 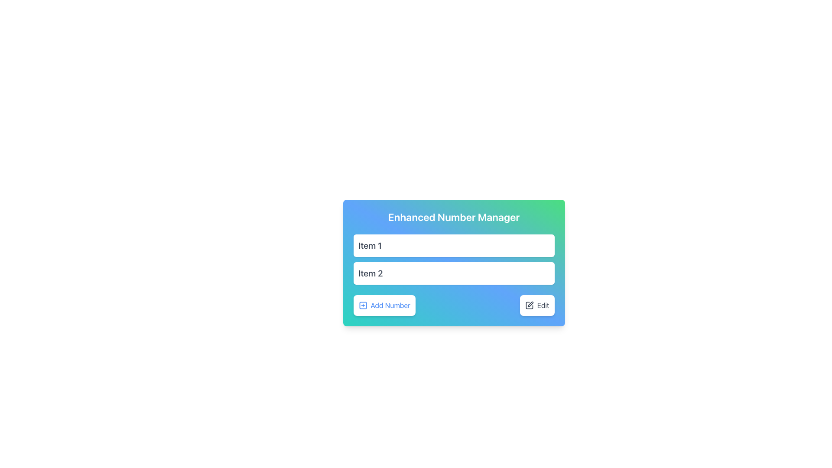 I want to click on the second button in the lower-right corner of the 'Enhanced Number Manager' card, so click(x=536, y=305).